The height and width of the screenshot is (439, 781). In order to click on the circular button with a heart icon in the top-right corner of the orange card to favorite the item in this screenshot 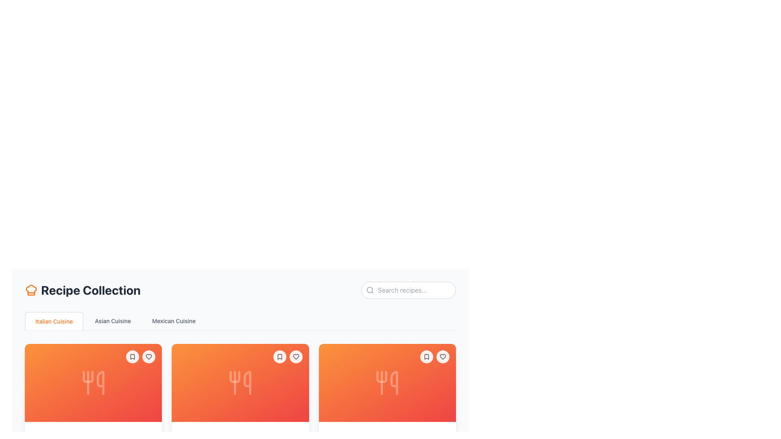, I will do `click(295, 356)`.